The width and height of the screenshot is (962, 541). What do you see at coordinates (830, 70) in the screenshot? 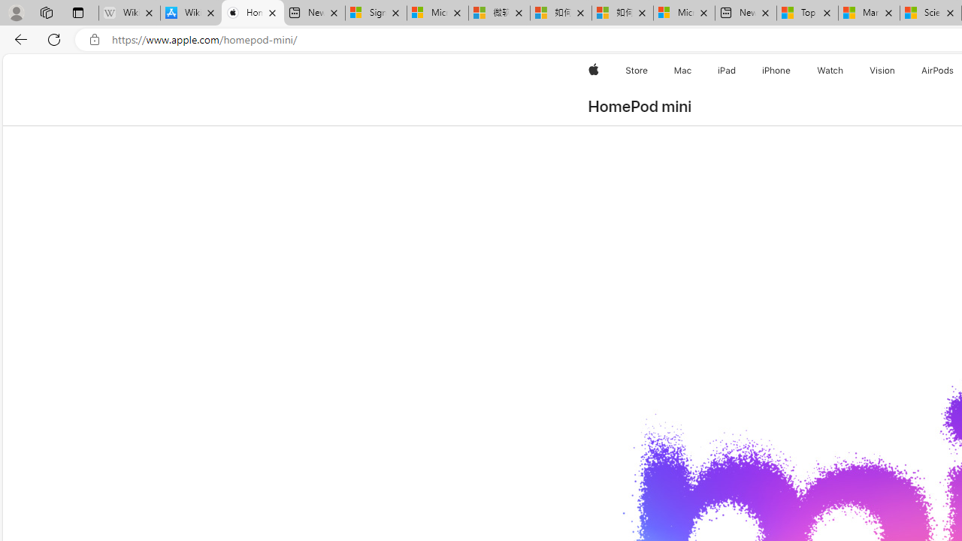
I see `'Watch'` at bounding box center [830, 70].